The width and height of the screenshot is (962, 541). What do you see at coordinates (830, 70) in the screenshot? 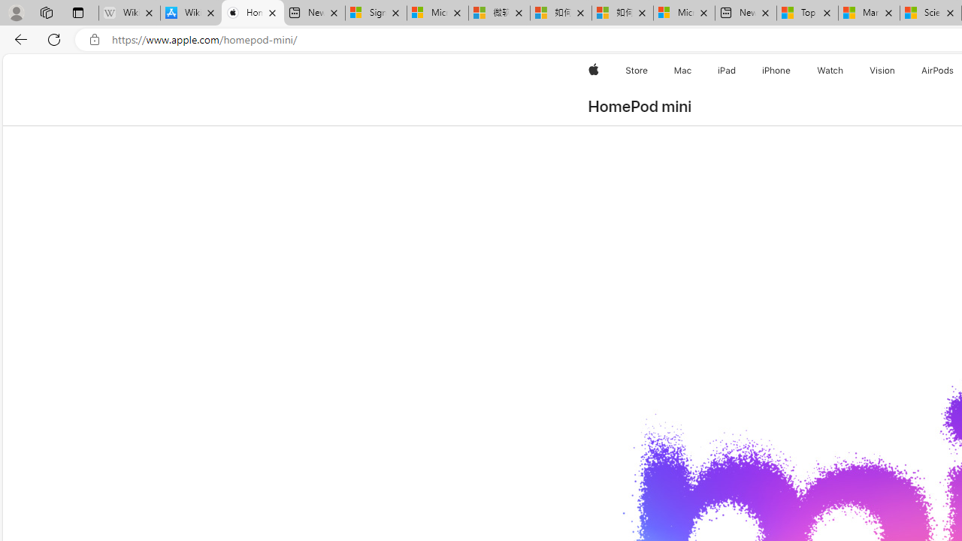
I see `'Watch'` at bounding box center [830, 70].